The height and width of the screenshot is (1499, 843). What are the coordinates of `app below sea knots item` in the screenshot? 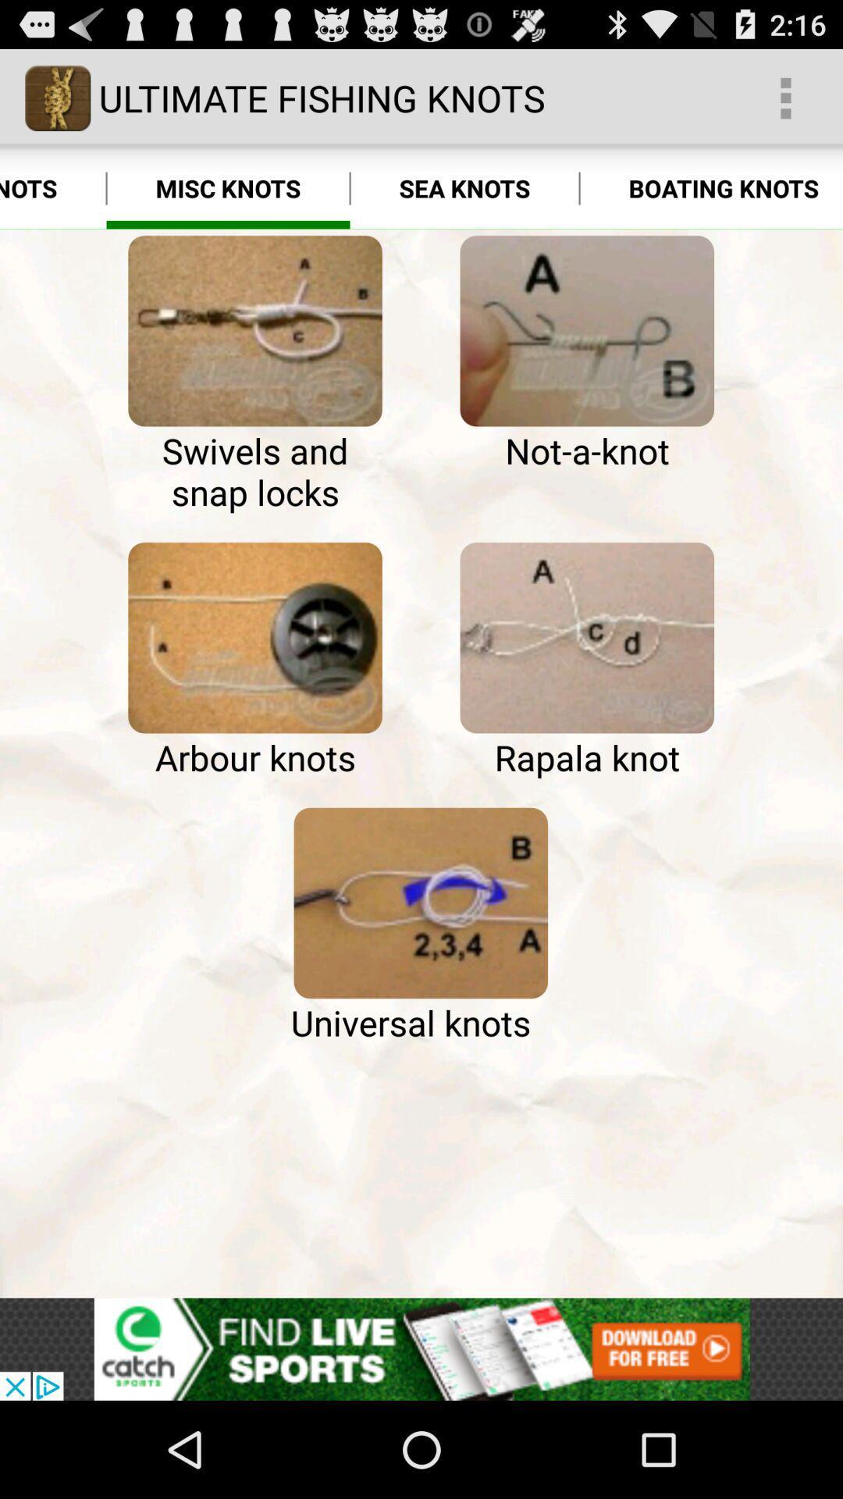 It's located at (587, 330).